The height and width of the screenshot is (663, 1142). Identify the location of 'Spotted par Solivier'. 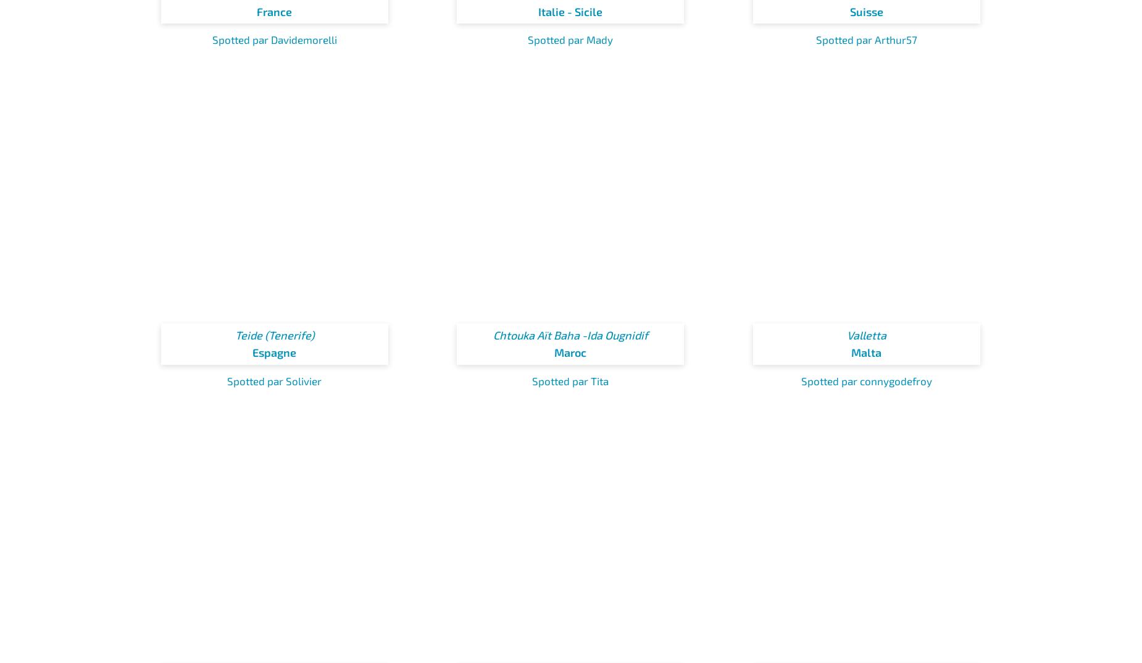
(273, 381).